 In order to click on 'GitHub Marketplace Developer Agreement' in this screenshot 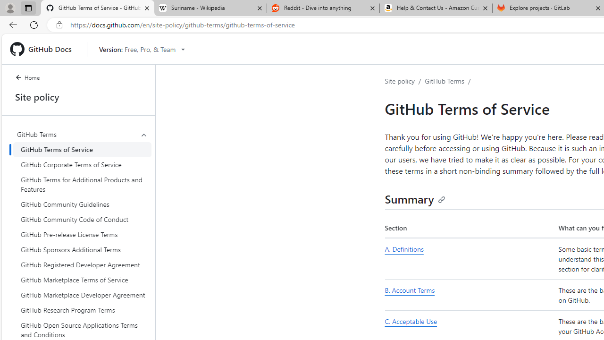, I will do `click(82, 294)`.